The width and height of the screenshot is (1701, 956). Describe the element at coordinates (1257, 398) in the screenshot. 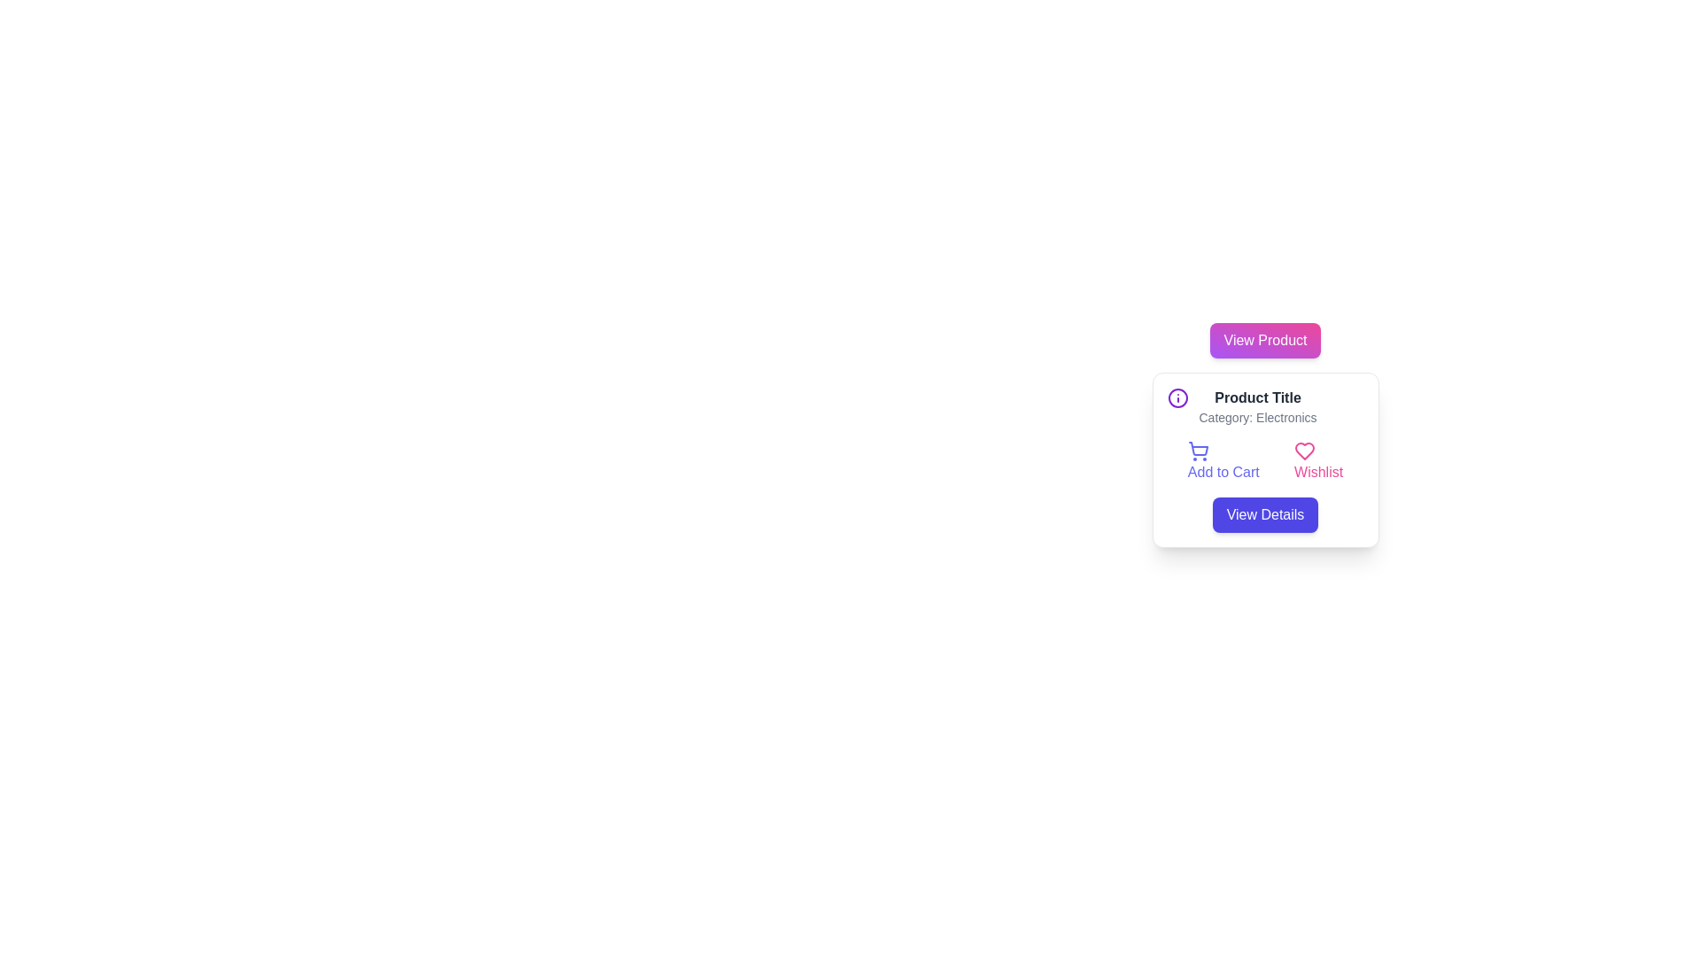

I see `the bold text label reading 'Product Title' which is prominently positioned at the top of the informational card below 'View Product' and above 'Category: Electronics'` at that location.